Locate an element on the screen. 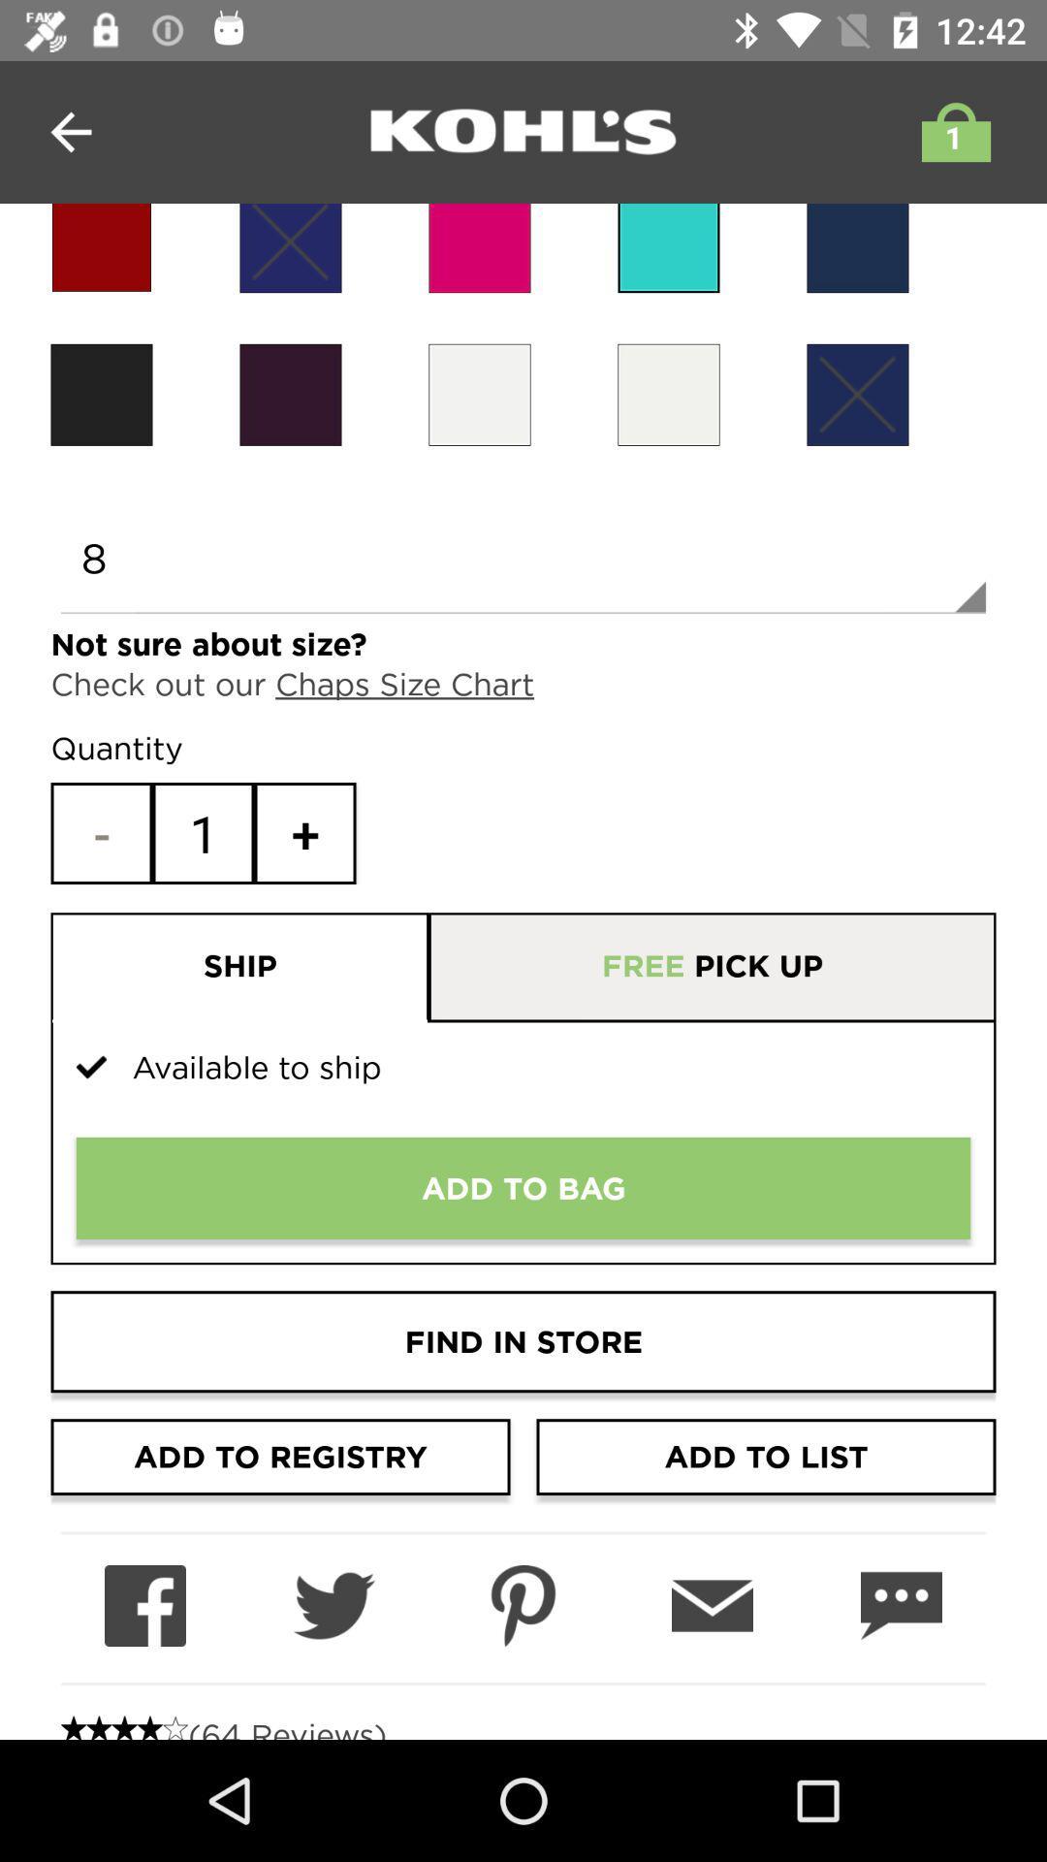 The height and width of the screenshot is (1862, 1047). cart is located at coordinates (950, 131).